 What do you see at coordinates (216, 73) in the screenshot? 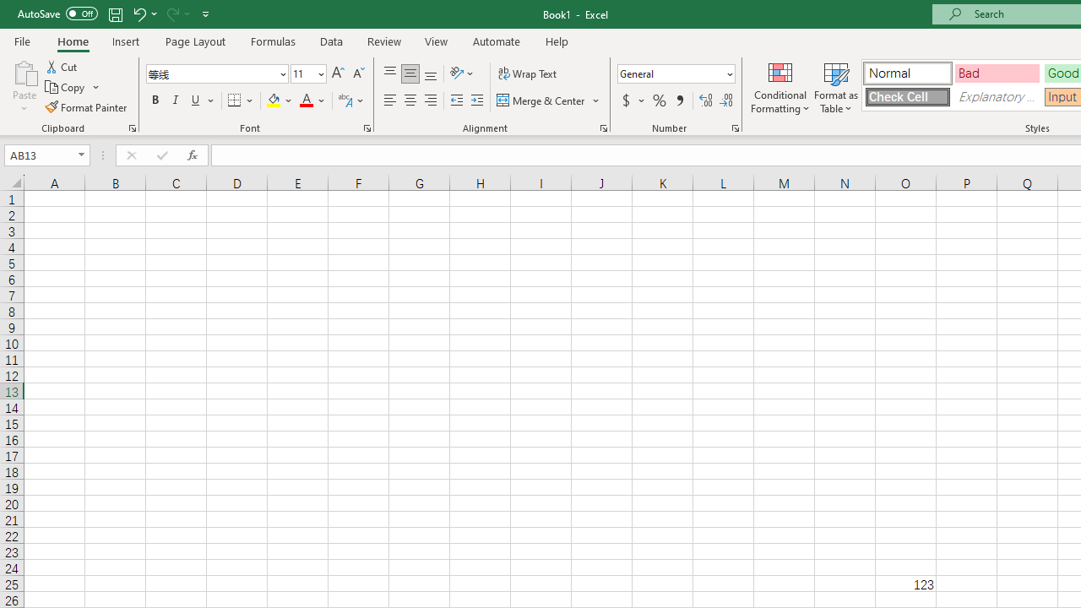
I see `'Font'` at bounding box center [216, 73].